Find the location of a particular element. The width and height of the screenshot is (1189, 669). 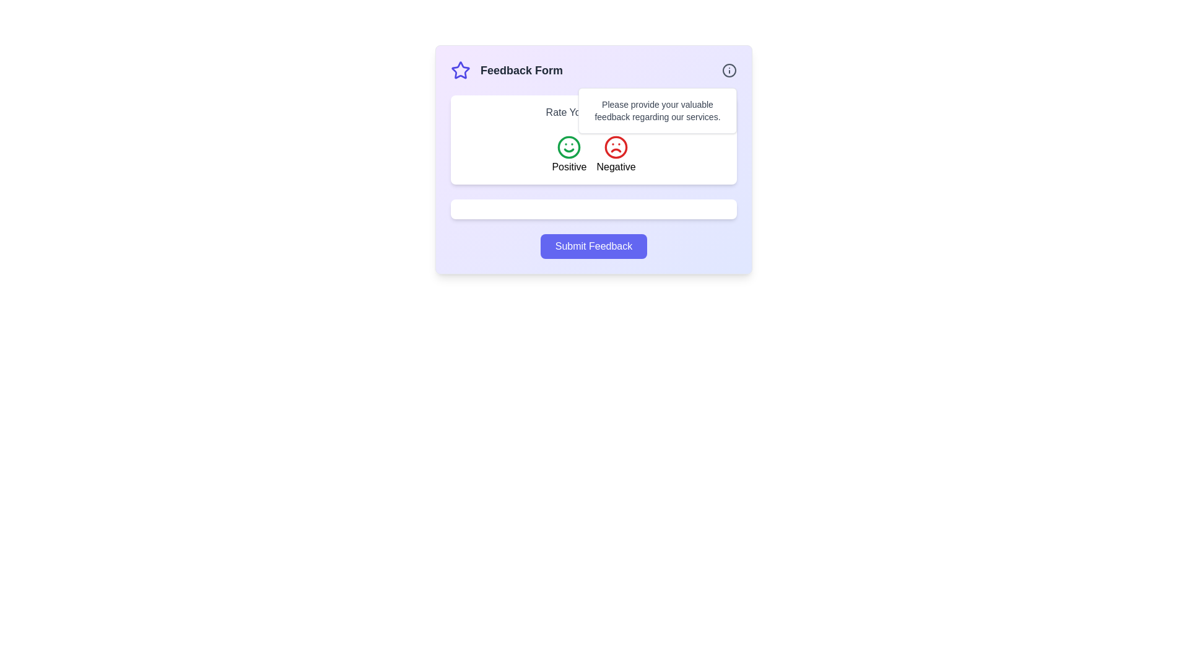

the 'Feedback Form' text label, which is styled in bold and located at the top-left corner of the feedback dialog box alongside a star icon is located at coordinates (507, 71).